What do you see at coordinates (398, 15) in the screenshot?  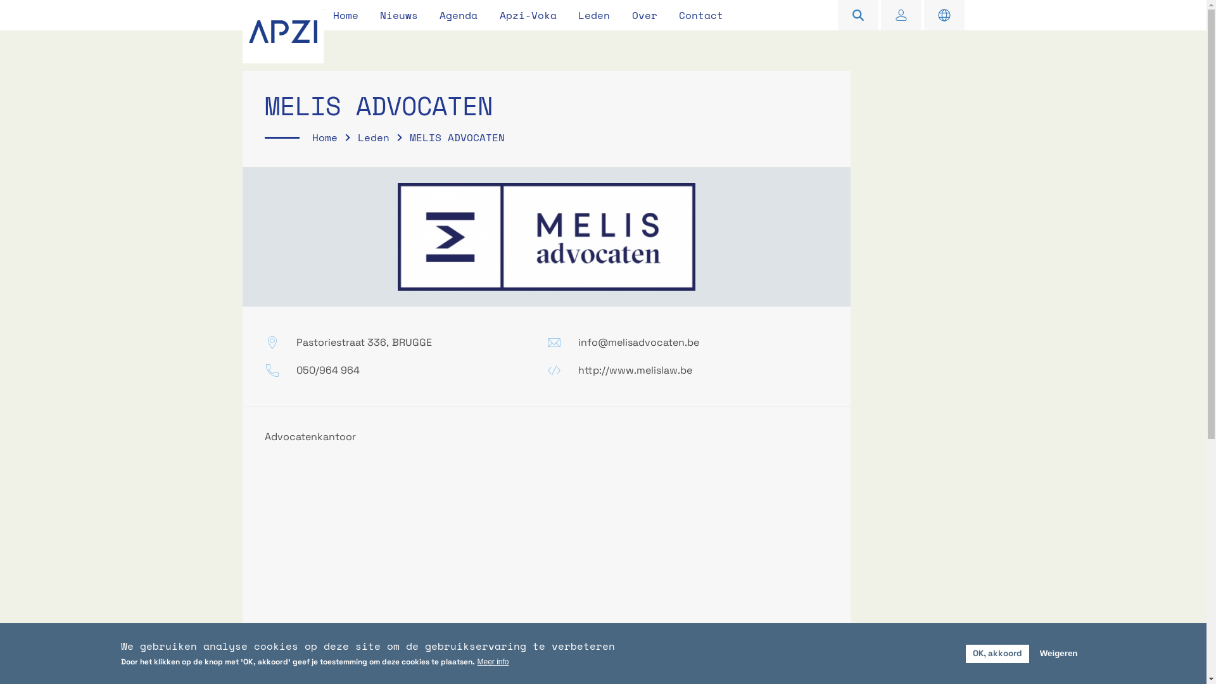 I see `'Nieuws'` at bounding box center [398, 15].